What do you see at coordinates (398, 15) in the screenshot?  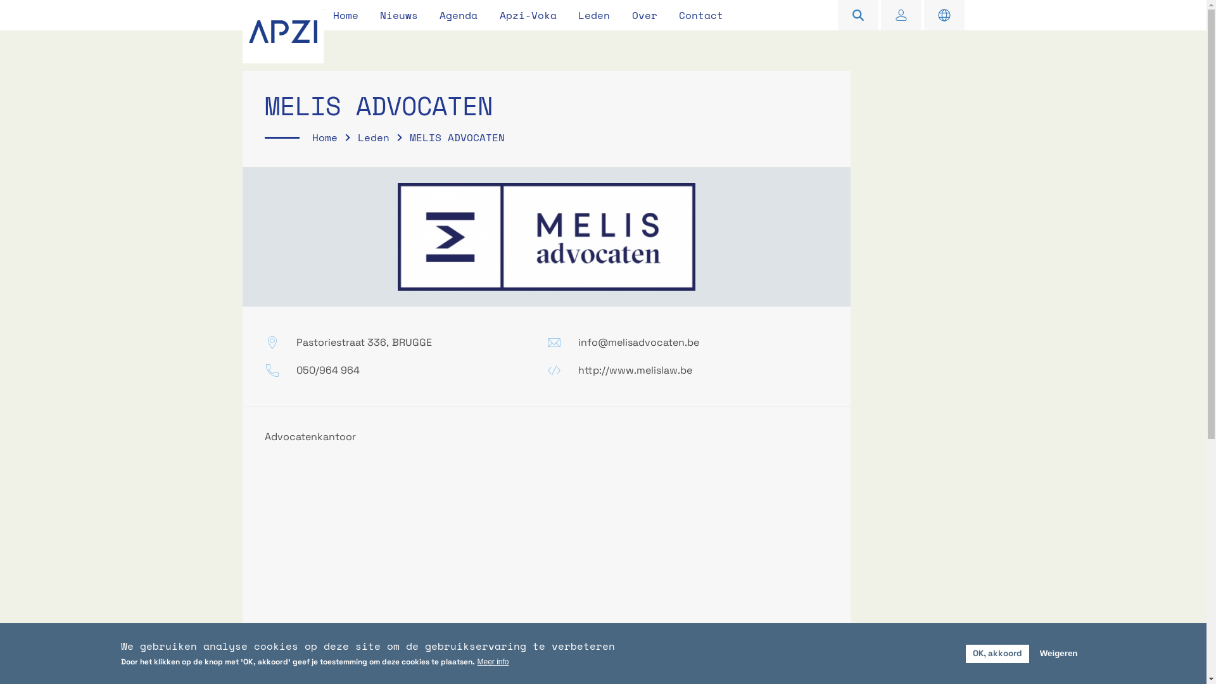 I see `'Nieuws'` at bounding box center [398, 15].